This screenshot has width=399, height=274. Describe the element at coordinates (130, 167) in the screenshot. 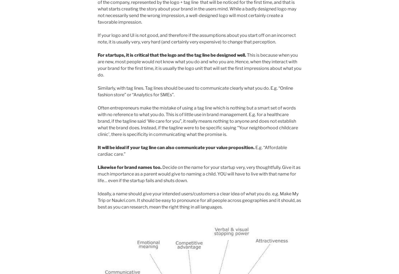

I see `'Likewise for brand names too.'` at that location.